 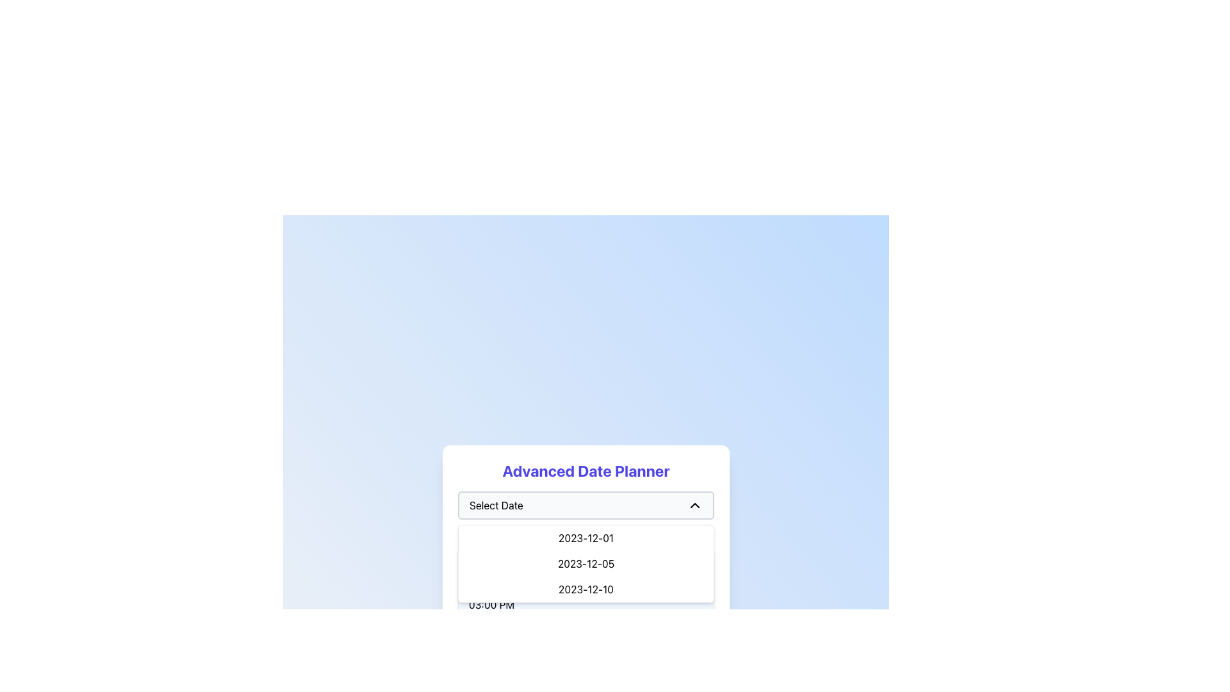 What do you see at coordinates (586, 575) in the screenshot?
I see `an option in the Dropdown option list with a light blue background, specifically` at bounding box center [586, 575].